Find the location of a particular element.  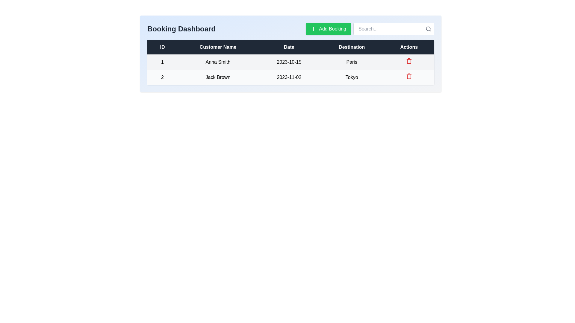

the third column header in the table that indicates dates, located between 'Customer Name' and 'Destination' is located at coordinates (289, 47).